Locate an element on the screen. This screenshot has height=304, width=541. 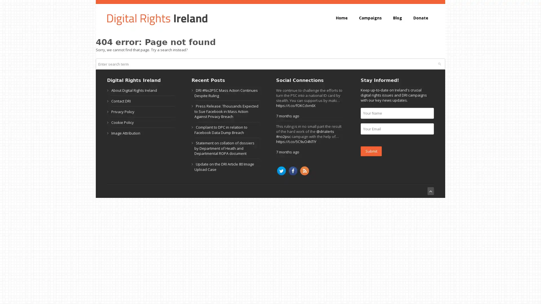
Submit is located at coordinates (371, 151).